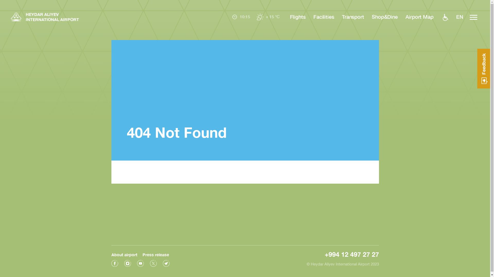 The width and height of the screenshot is (494, 277). I want to click on 'EN', so click(459, 17).